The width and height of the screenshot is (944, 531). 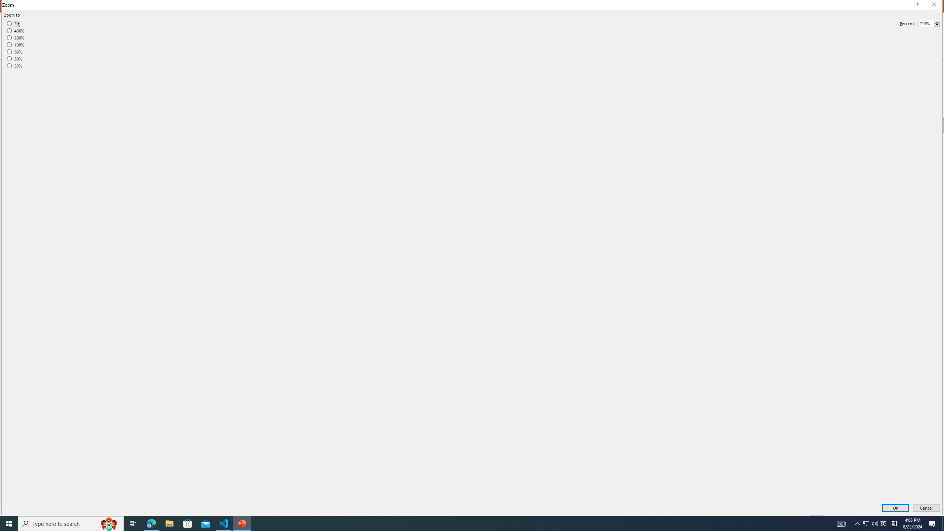 What do you see at coordinates (926, 24) in the screenshot?
I see `'Percent'` at bounding box center [926, 24].